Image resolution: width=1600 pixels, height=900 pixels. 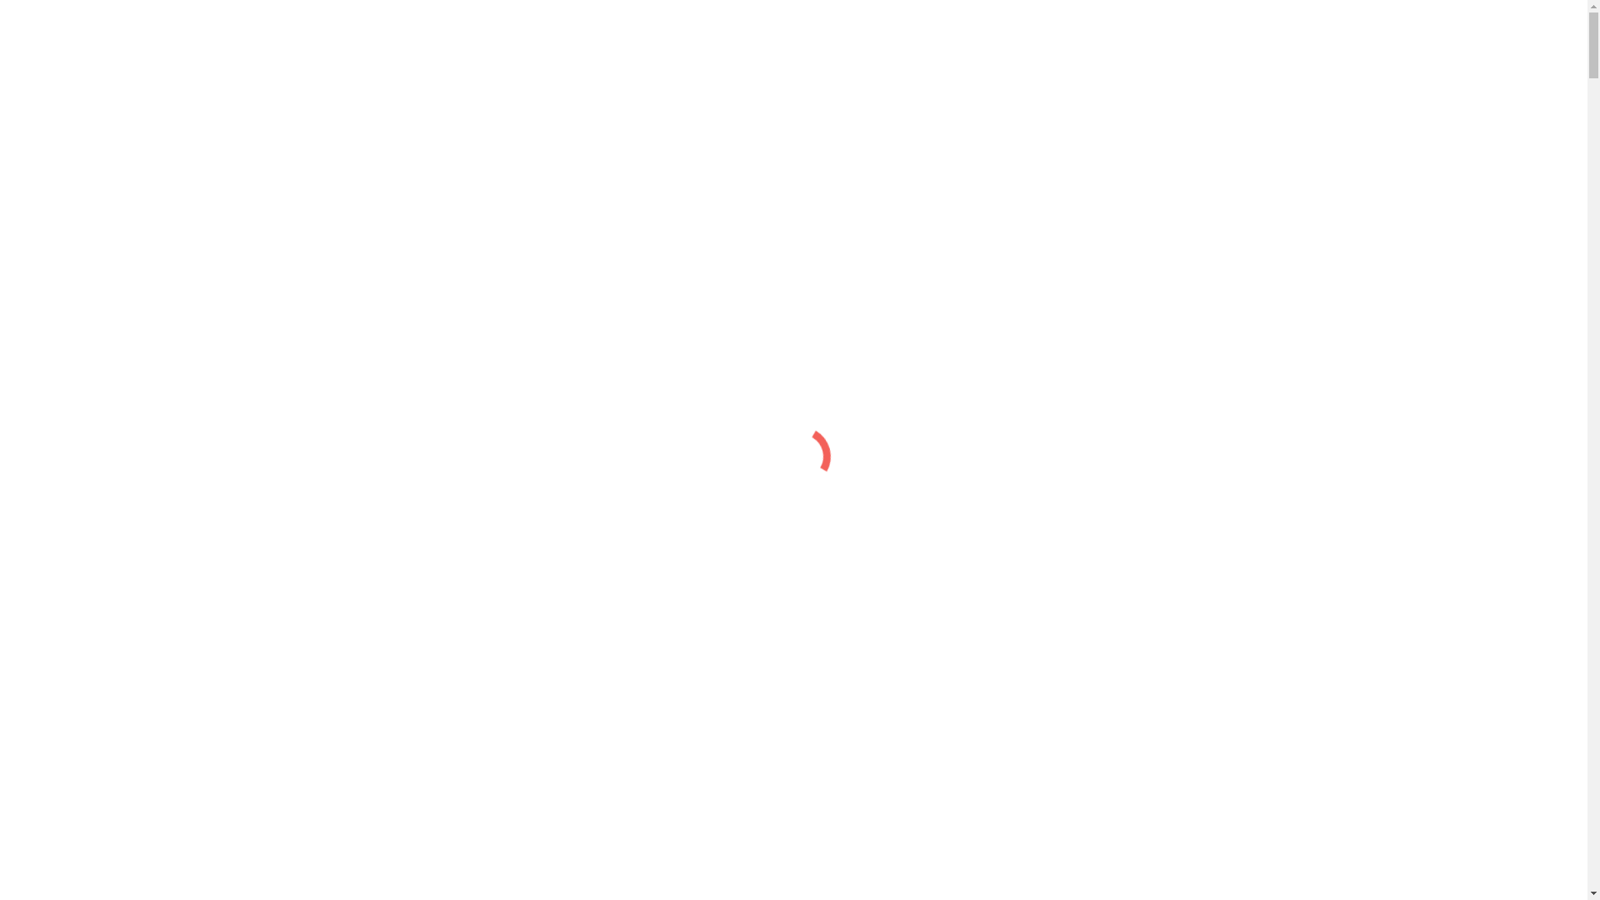 I want to click on 'Skip to content', so click(x=47, y=13).